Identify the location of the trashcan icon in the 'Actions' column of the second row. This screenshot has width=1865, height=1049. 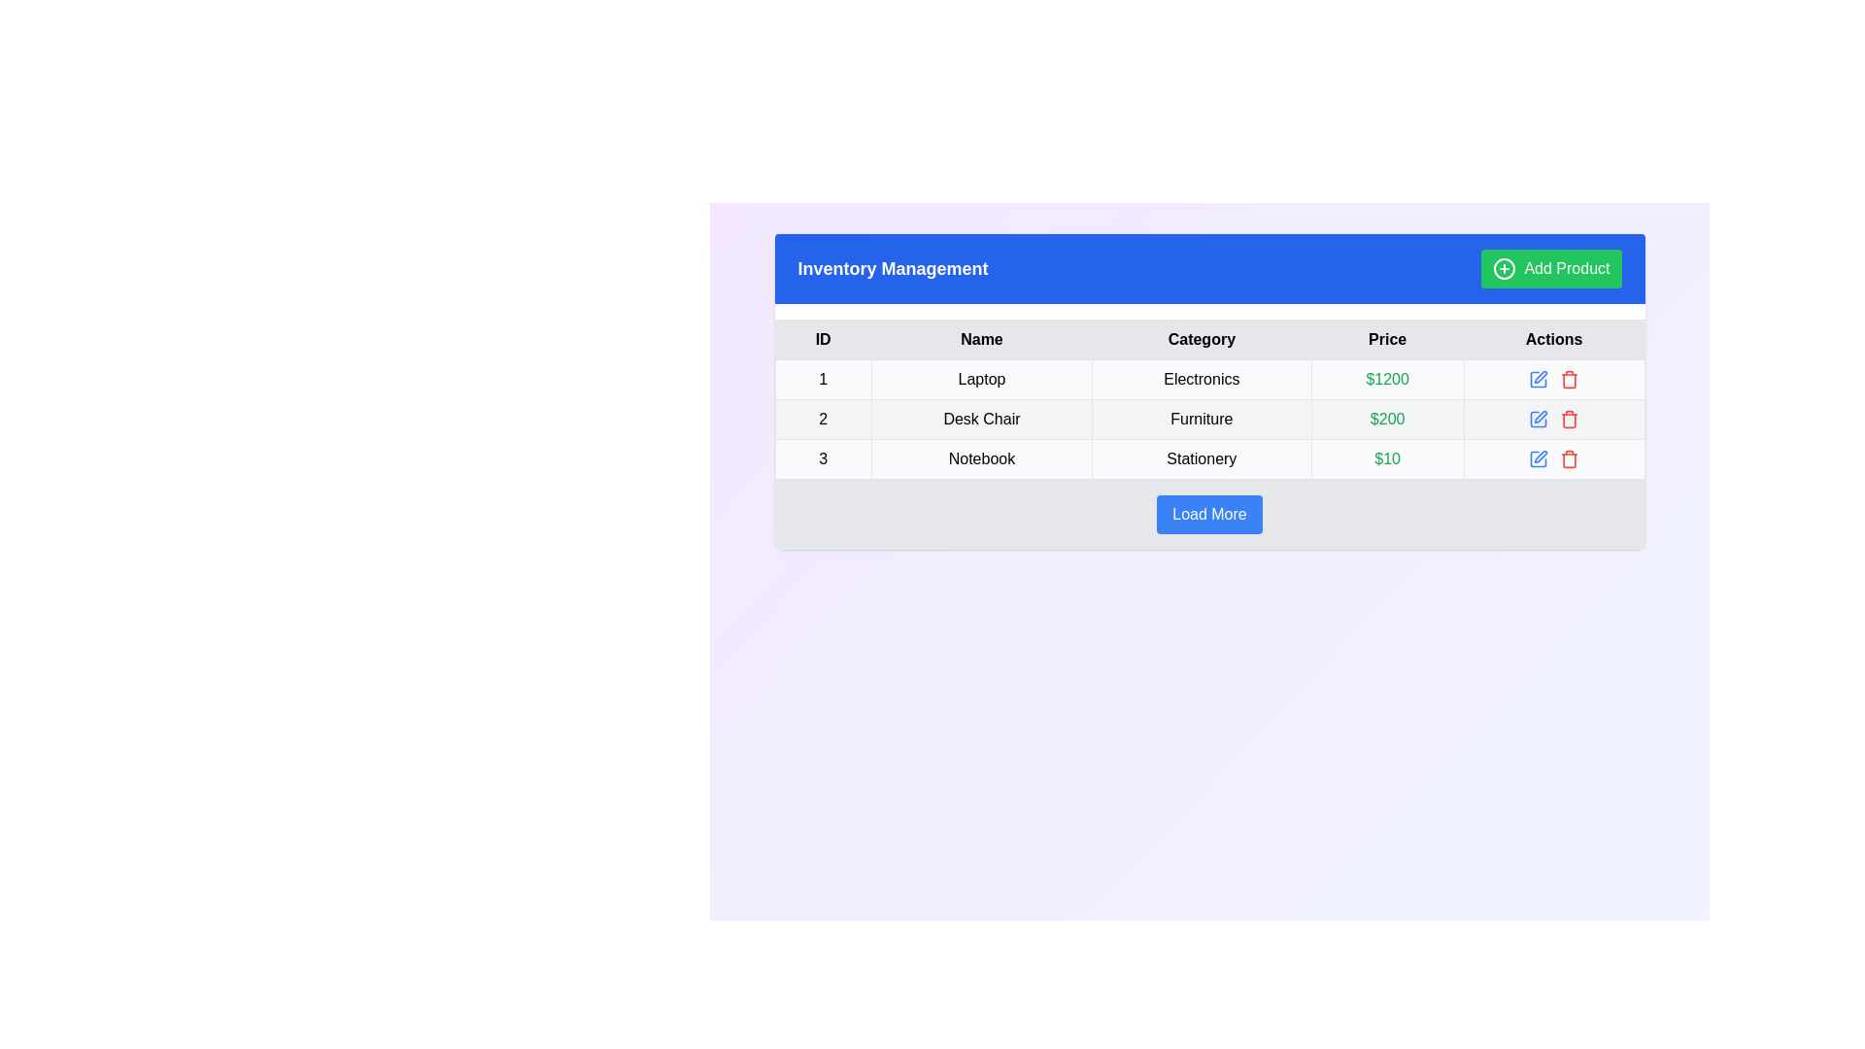
(1570, 420).